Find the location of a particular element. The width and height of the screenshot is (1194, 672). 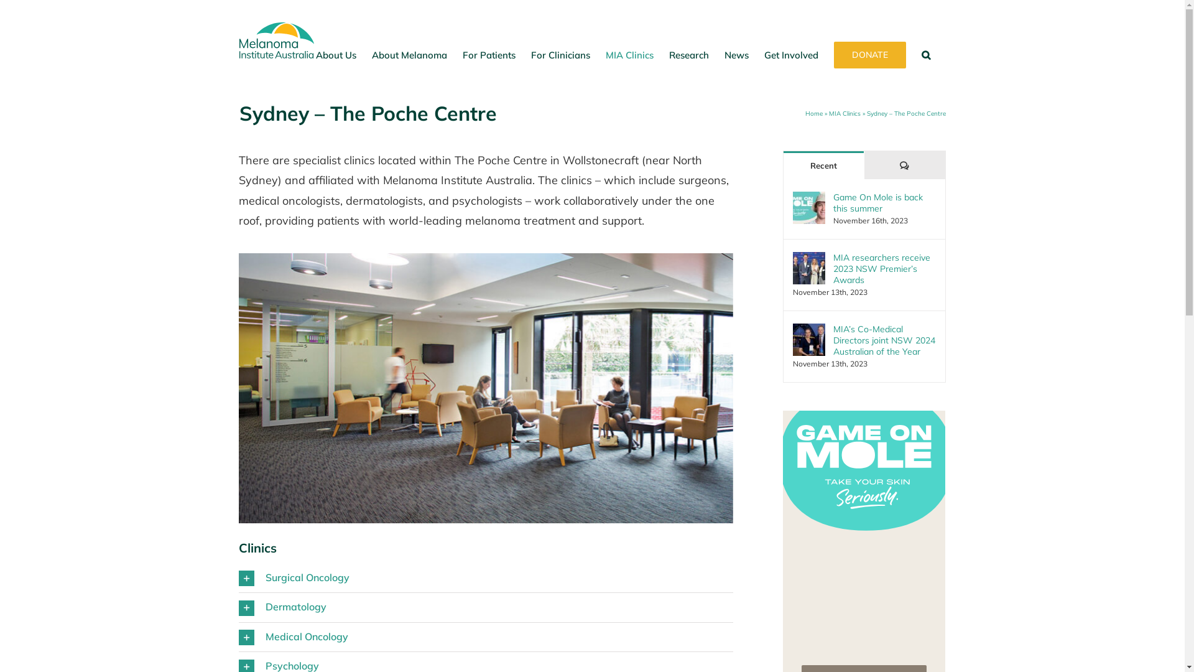

'Game On Mole is back this summer' is located at coordinates (833, 202).